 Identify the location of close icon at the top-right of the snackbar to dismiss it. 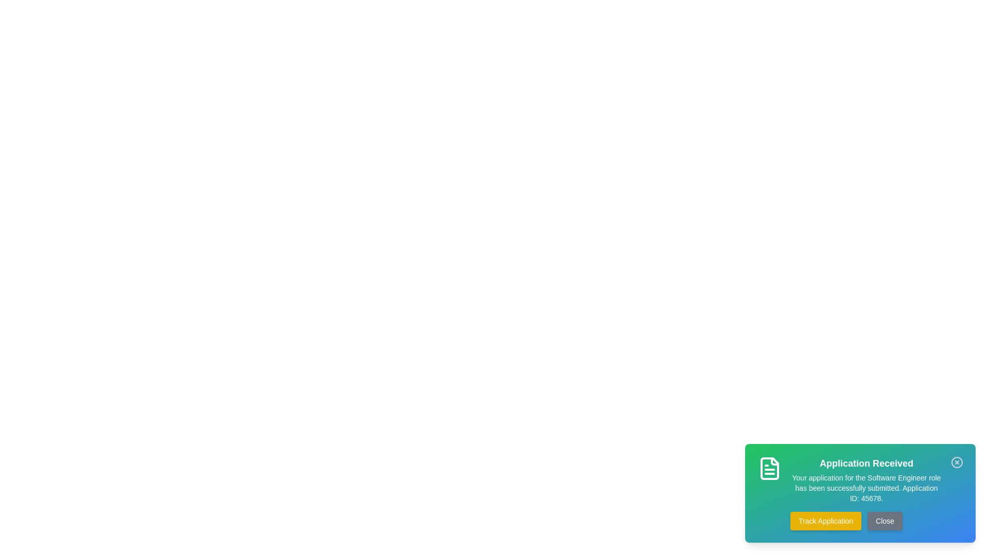
(957, 461).